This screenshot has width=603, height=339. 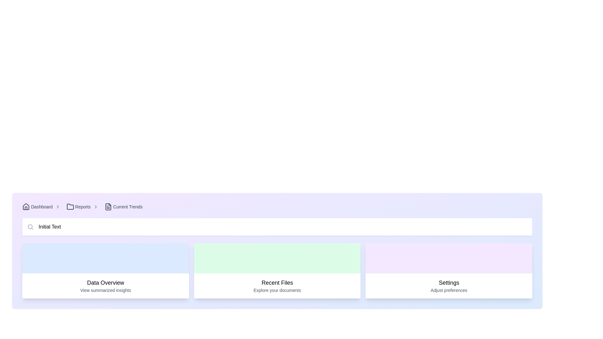 What do you see at coordinates (106, 271) in the screenshot?
I see `subelements inside the Informational card located in the top-left corner of the grid, which provides key insights or data highlights` at bounding box center [106, 271].